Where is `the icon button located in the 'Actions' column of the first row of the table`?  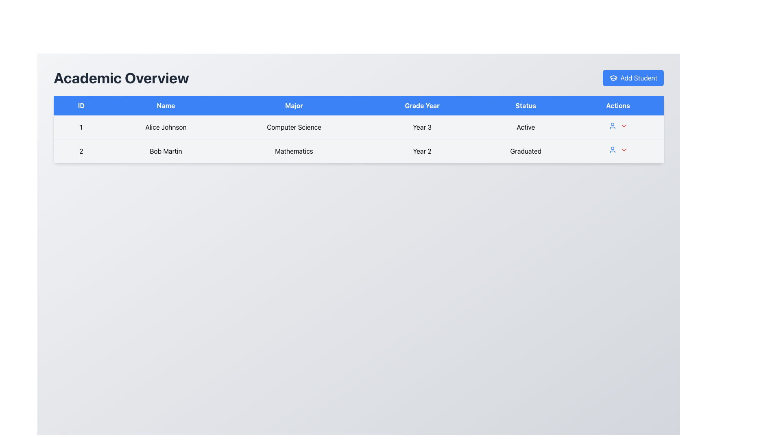
the icon button located in the 'Actions' column of the first row of the table is located at coordinates (612, 150).